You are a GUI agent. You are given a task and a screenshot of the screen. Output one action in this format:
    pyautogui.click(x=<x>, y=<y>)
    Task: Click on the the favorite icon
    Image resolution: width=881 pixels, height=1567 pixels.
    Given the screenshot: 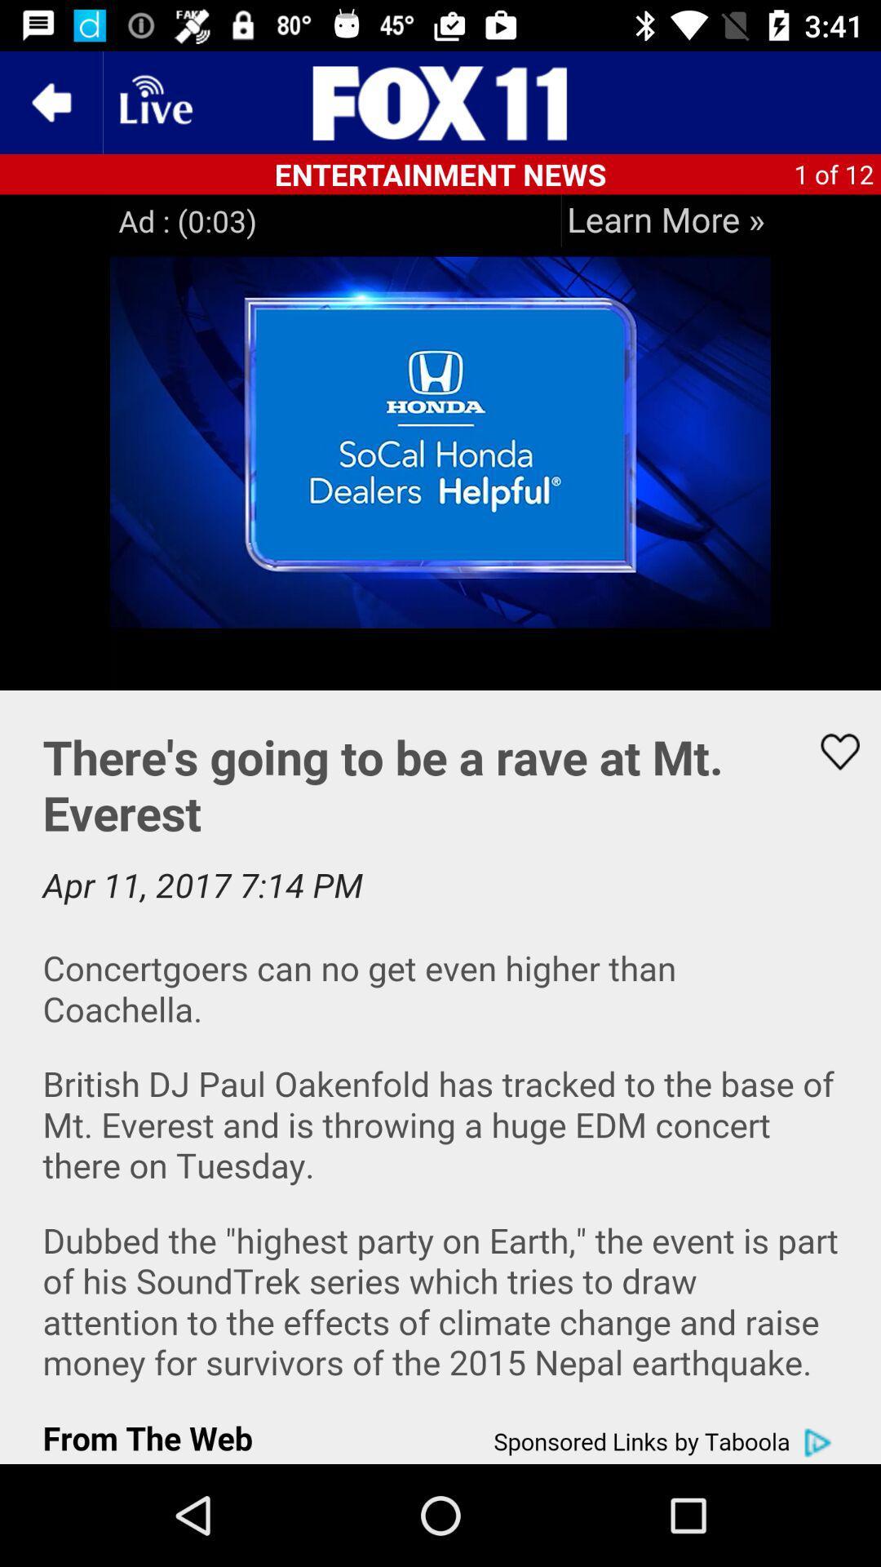 What is the action you would take?
    pyautogui.click(x=830, y=751)
    